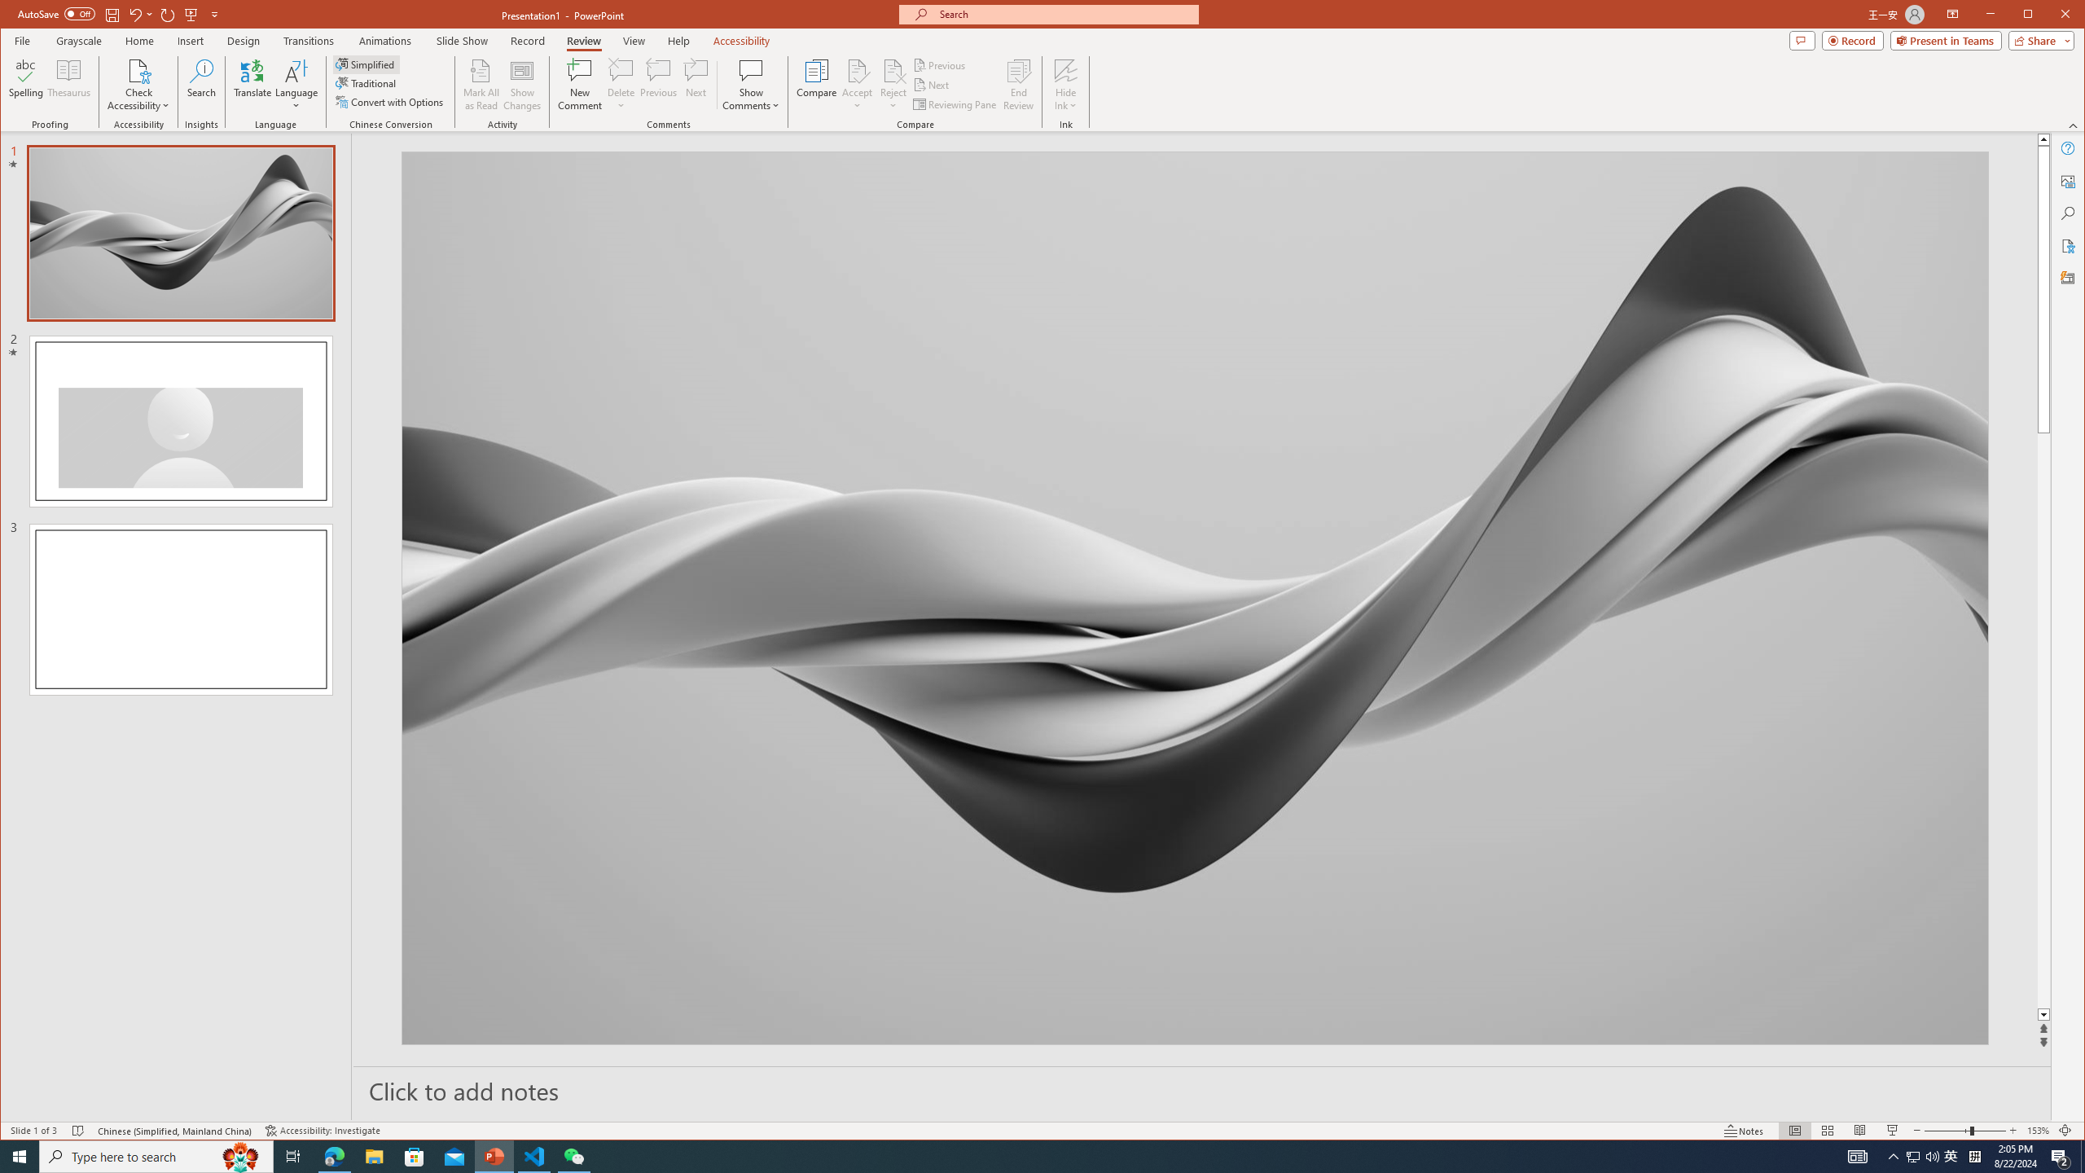 This screenshot has width=2085, height=1173. What do you see at coordinates (2038, 1130) in the screenshot?
I see `'Zoom 153%'` at bounding box center [2038, 1130].